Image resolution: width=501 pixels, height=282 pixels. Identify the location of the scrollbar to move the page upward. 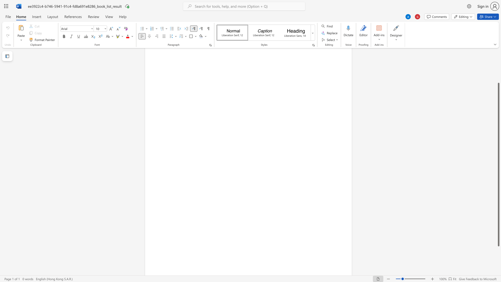
(498, 73).